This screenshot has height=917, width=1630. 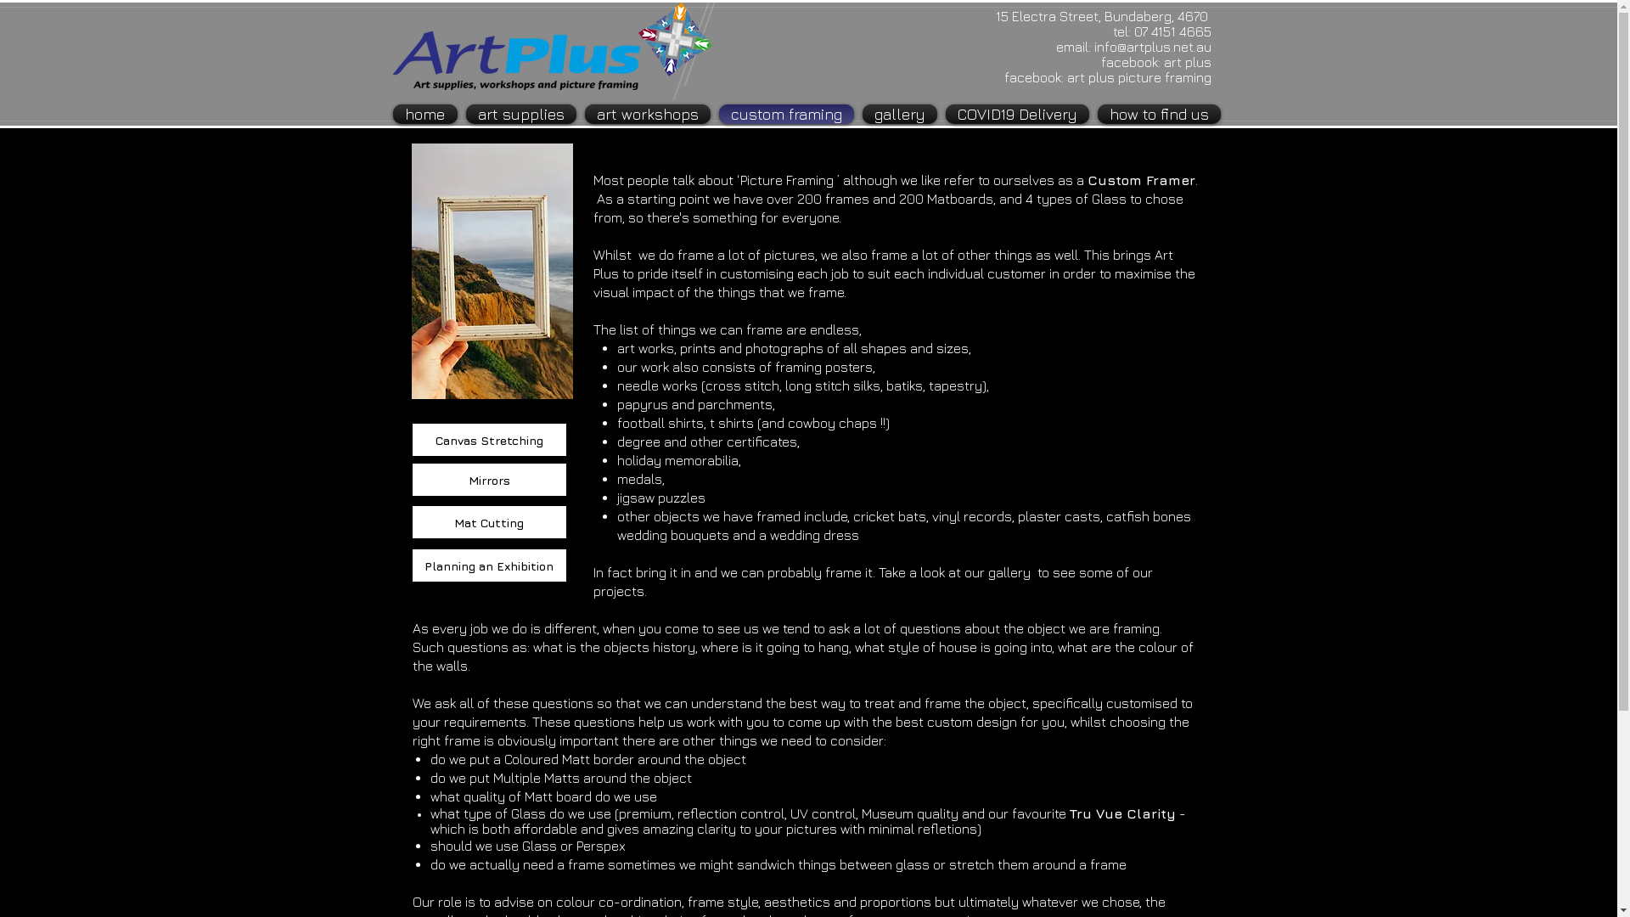 I want to click on 'COVID19 Delivery', so click(x=1016, y=114).